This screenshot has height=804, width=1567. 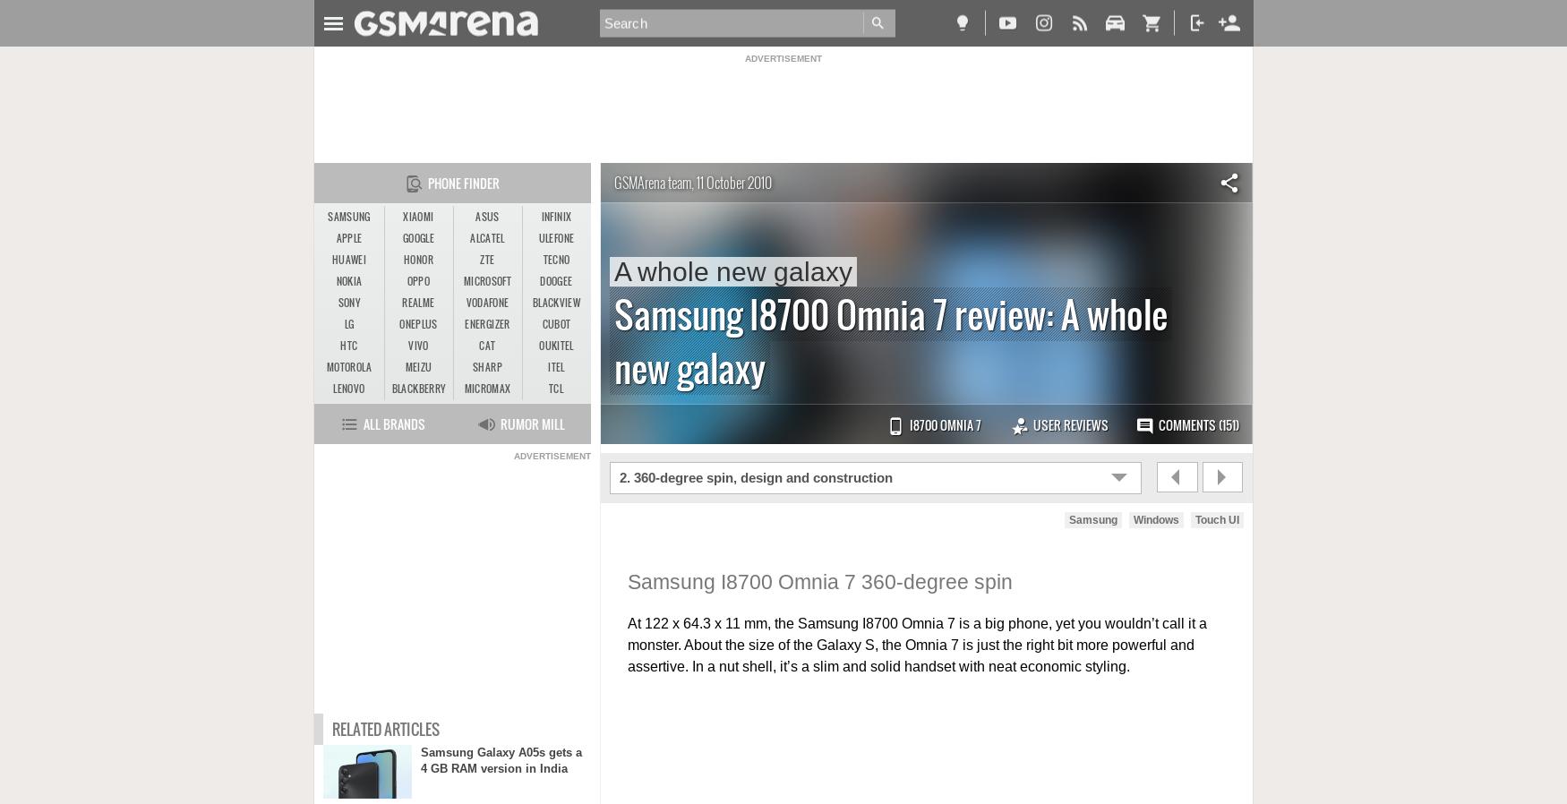 I want to click on 'Xiaomi', so click(x=418, y=217).